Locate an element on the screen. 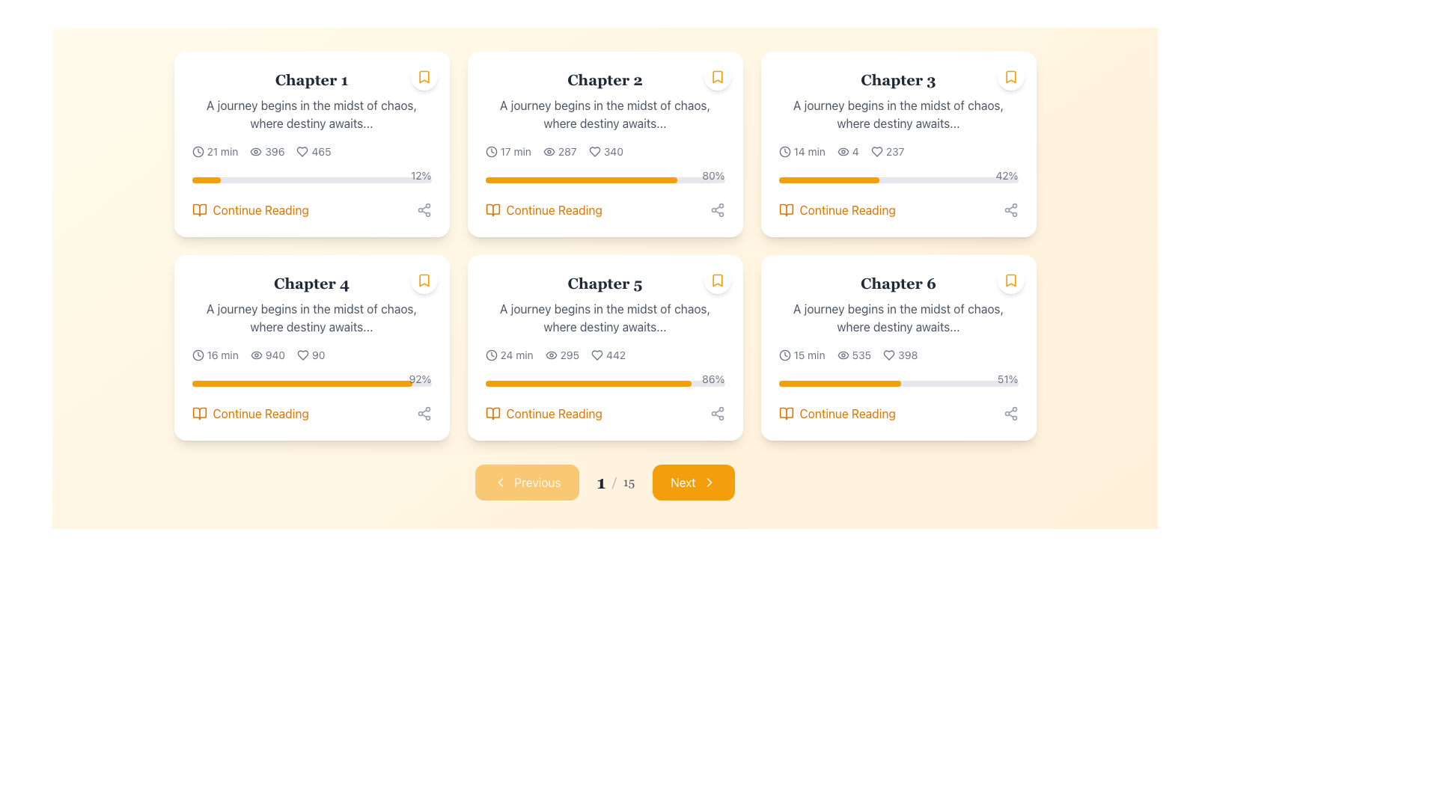 Image resolution: width=1437 pixels, height=808 pixels. progress value displayed as '12%' on the progress bar located in the Chapter 1 card, which is horizontally aligned below the numerical statistics and above the 'Continue Reading' button is located at coordinates (311, 176).